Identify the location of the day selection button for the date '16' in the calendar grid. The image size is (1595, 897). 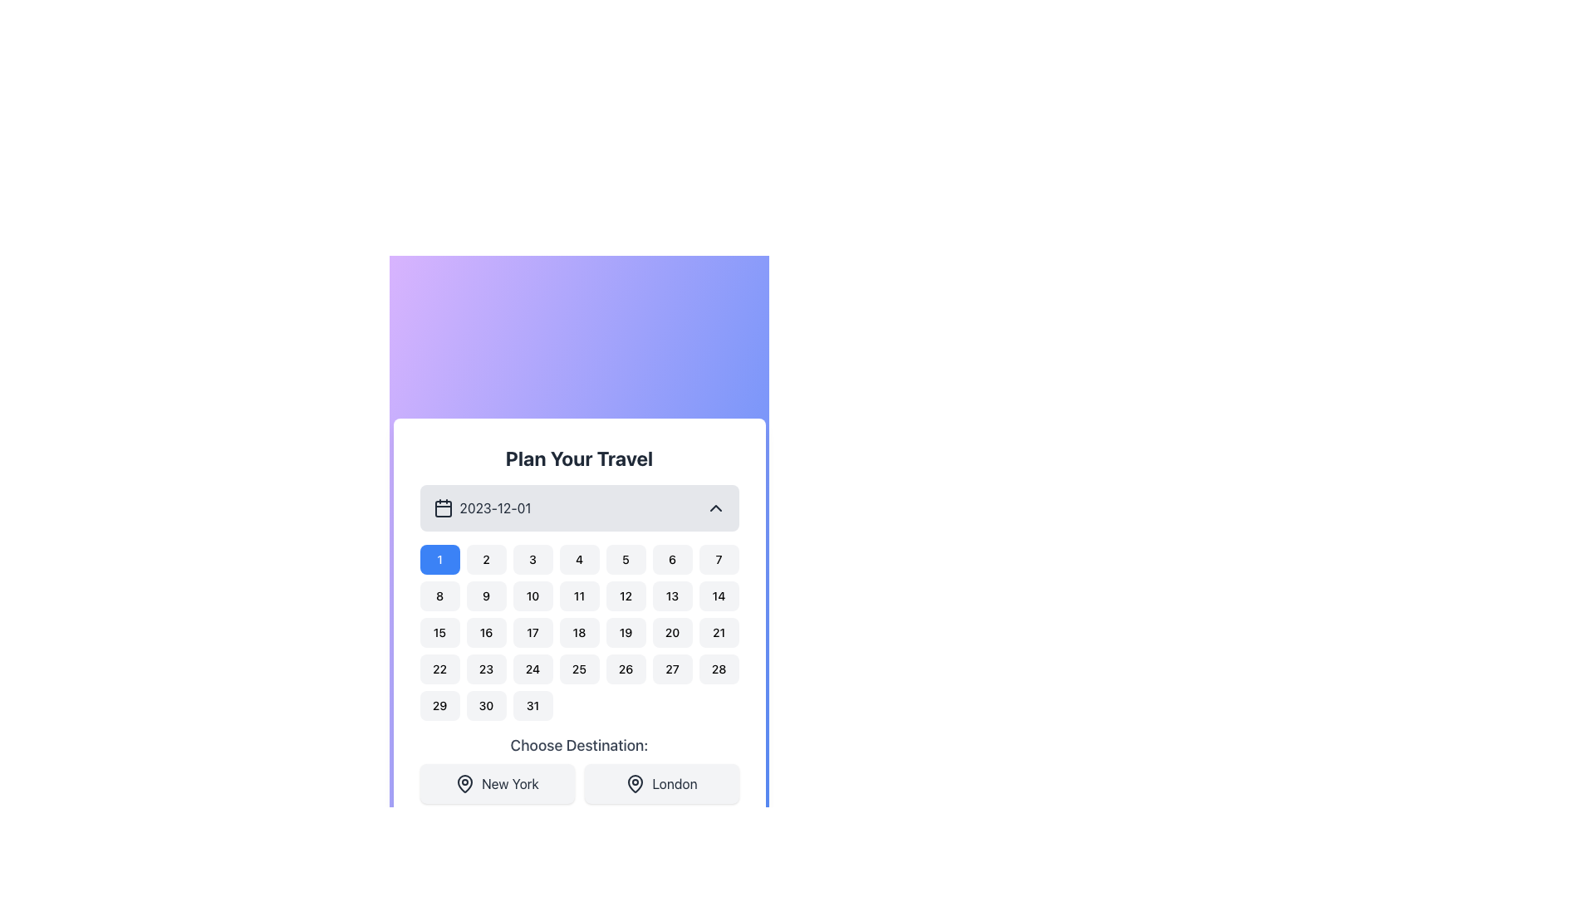
(485, 633).